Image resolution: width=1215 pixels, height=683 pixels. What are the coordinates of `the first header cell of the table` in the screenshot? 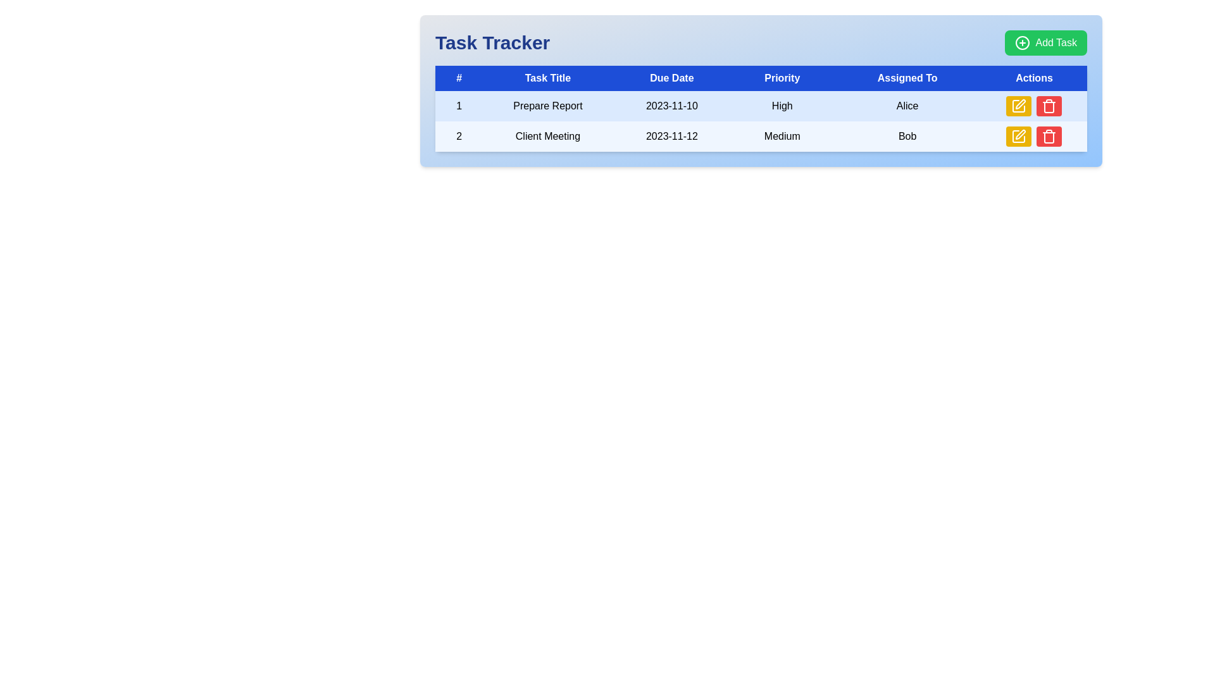 It's located at (458, 78).